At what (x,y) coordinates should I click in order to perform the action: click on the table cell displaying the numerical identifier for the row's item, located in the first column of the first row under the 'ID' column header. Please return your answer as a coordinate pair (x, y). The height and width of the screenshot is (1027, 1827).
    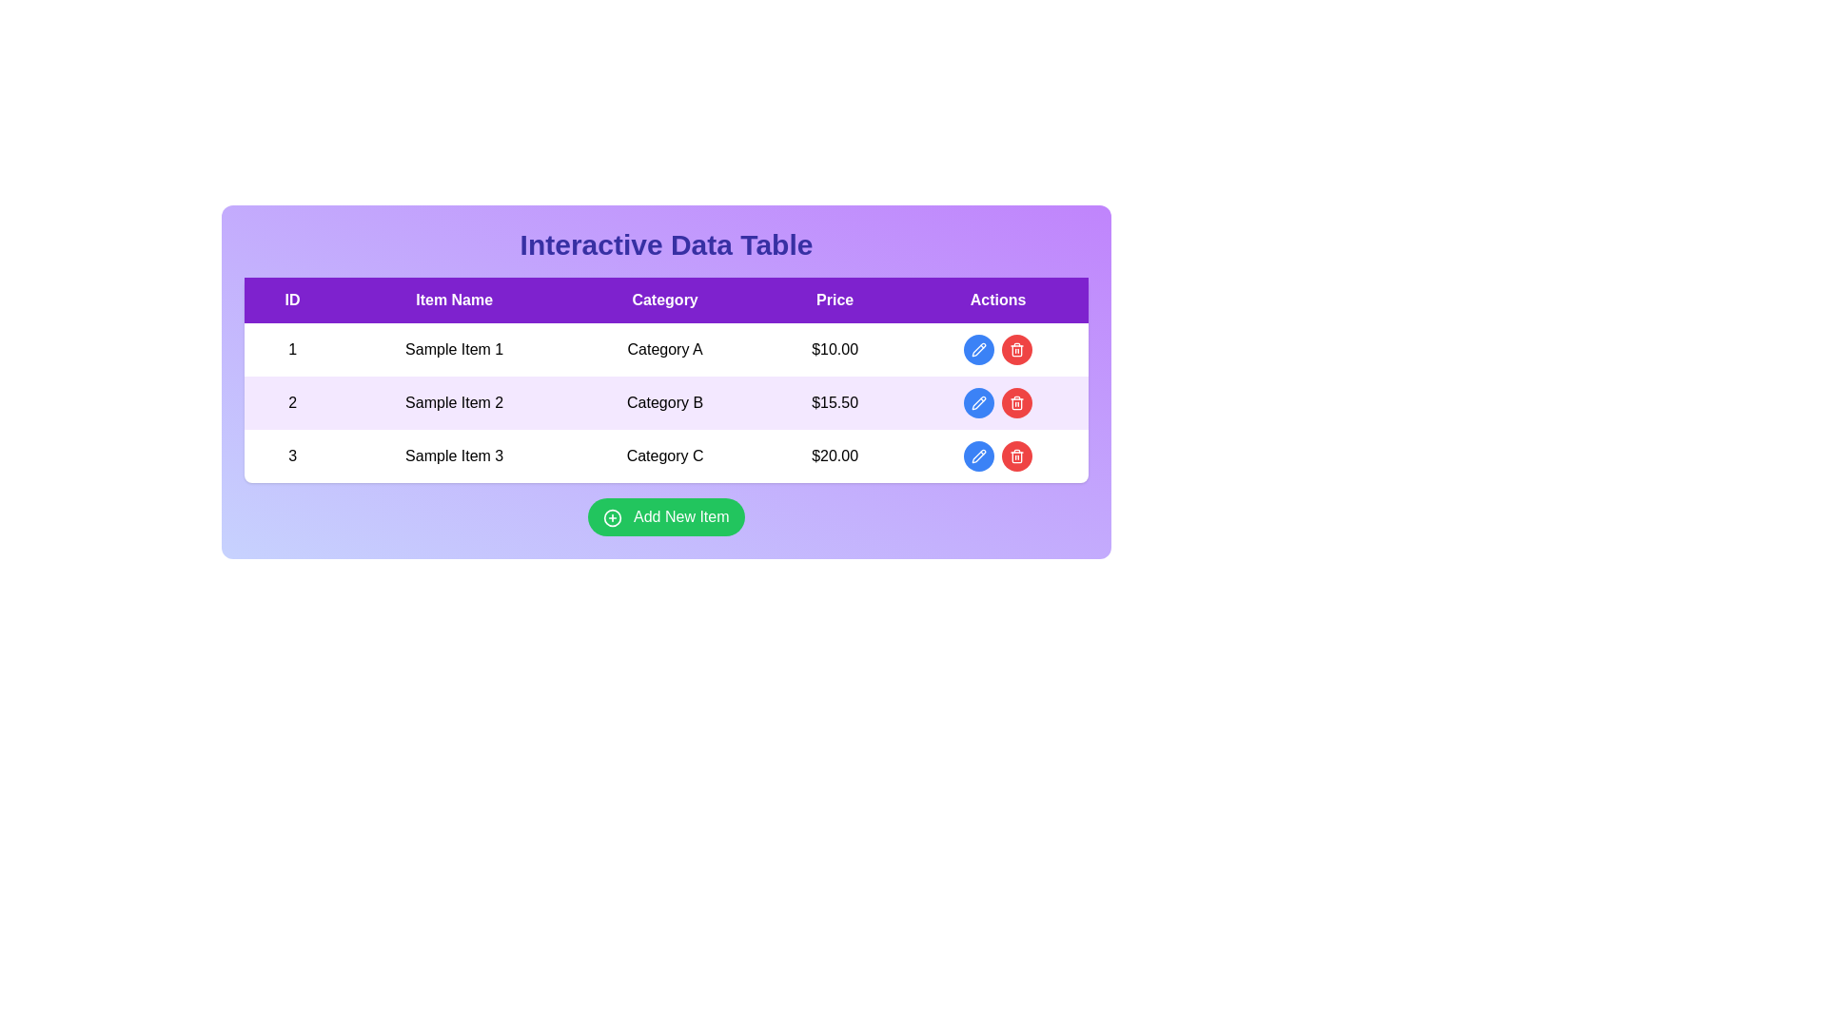
    Looking at the image, I should click on (291, 349).